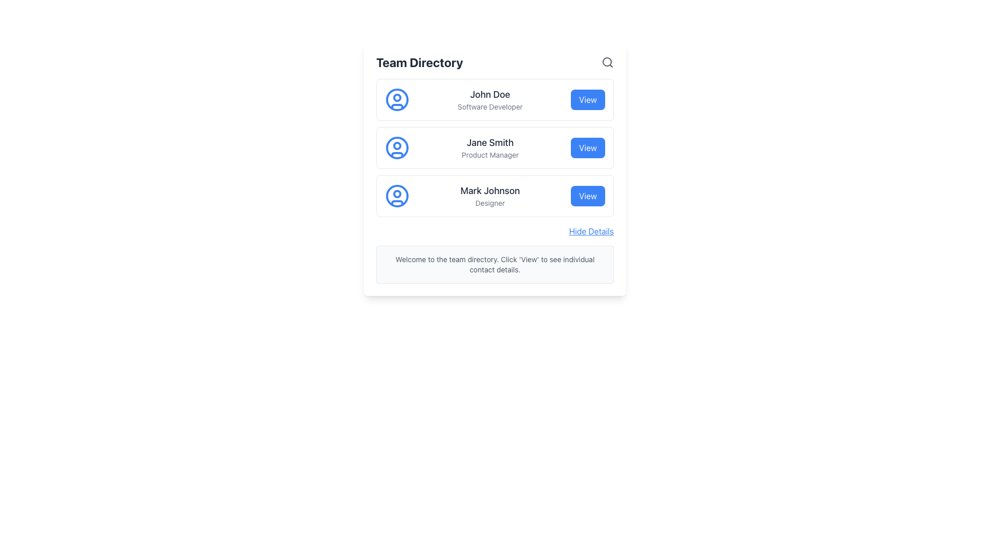 The image size is (983, 553). What do you see at coordinates (495, 264) in the screenshot?
I see `the instruction text label that provides context for interacting with the 'View' buttons in the team directory interface, located below three profile items` at bounding box center [495, 264].